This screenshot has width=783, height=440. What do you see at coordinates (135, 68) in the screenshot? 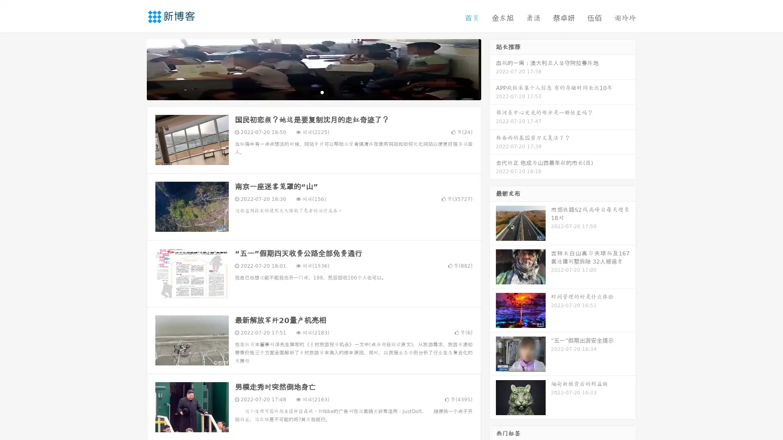
I see `Previous slide` at bounding box center [135, 68].